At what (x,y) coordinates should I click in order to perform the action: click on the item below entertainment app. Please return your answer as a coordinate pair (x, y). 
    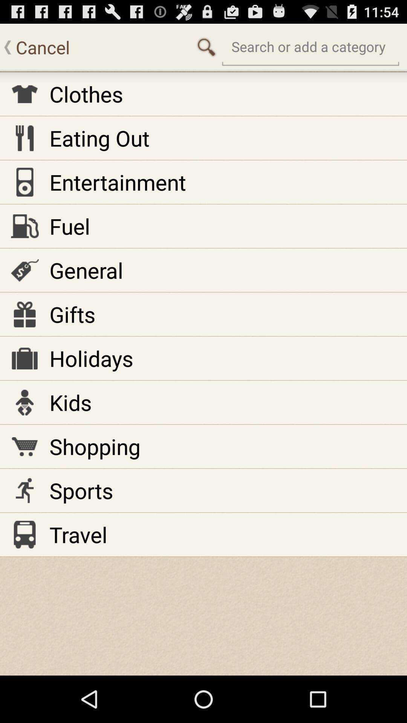
    Looking at the image, I should click on (70, 226).